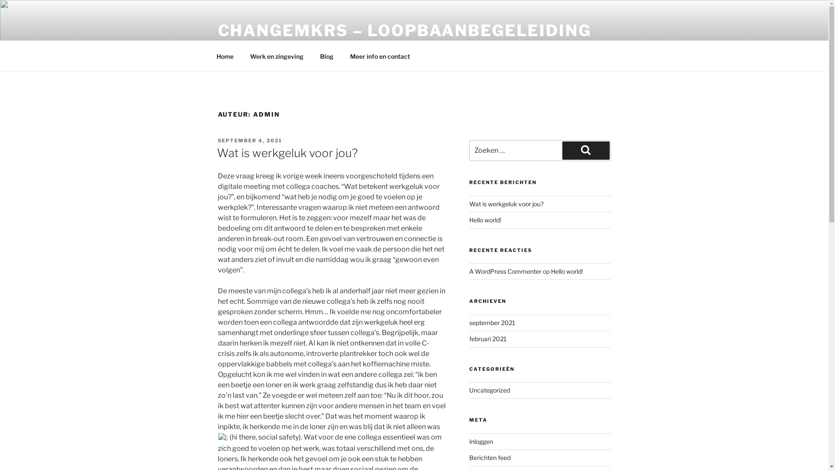 This screenshot has width=835, height=470. What do you see at coordinates (225, 56) in the screenshot?
I see `'Home'` at bounding box center [225, 56].